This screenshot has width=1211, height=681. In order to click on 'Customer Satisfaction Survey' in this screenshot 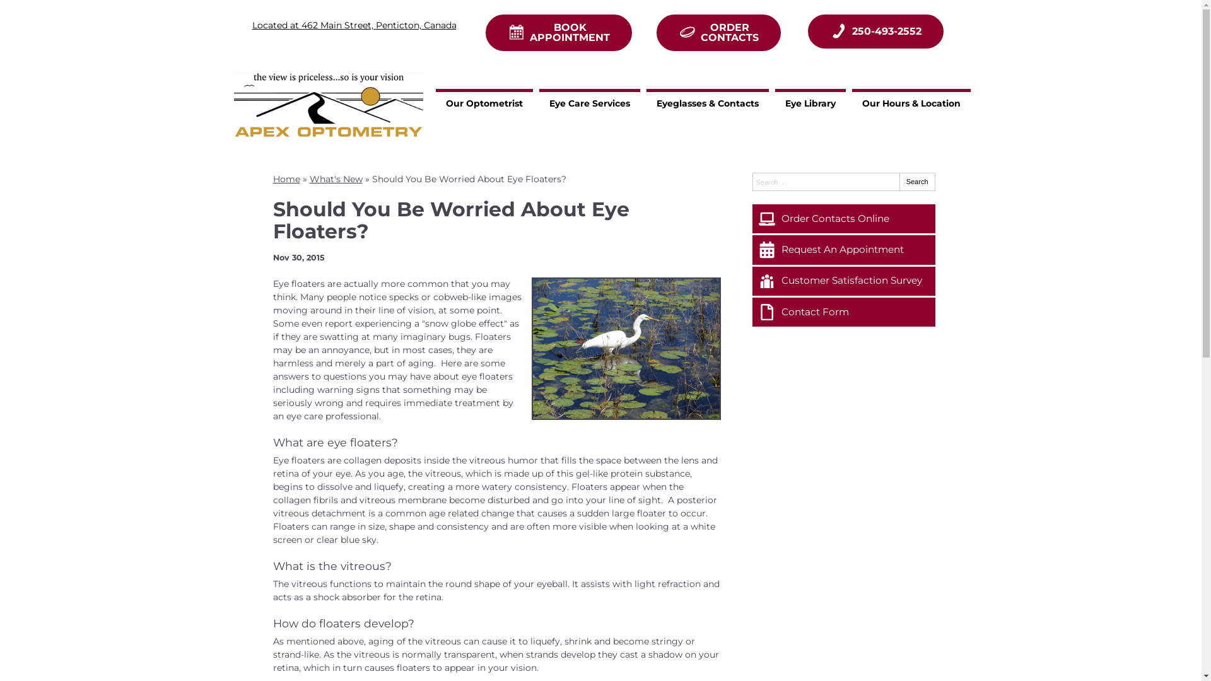, I will do `click(843, 281)`.